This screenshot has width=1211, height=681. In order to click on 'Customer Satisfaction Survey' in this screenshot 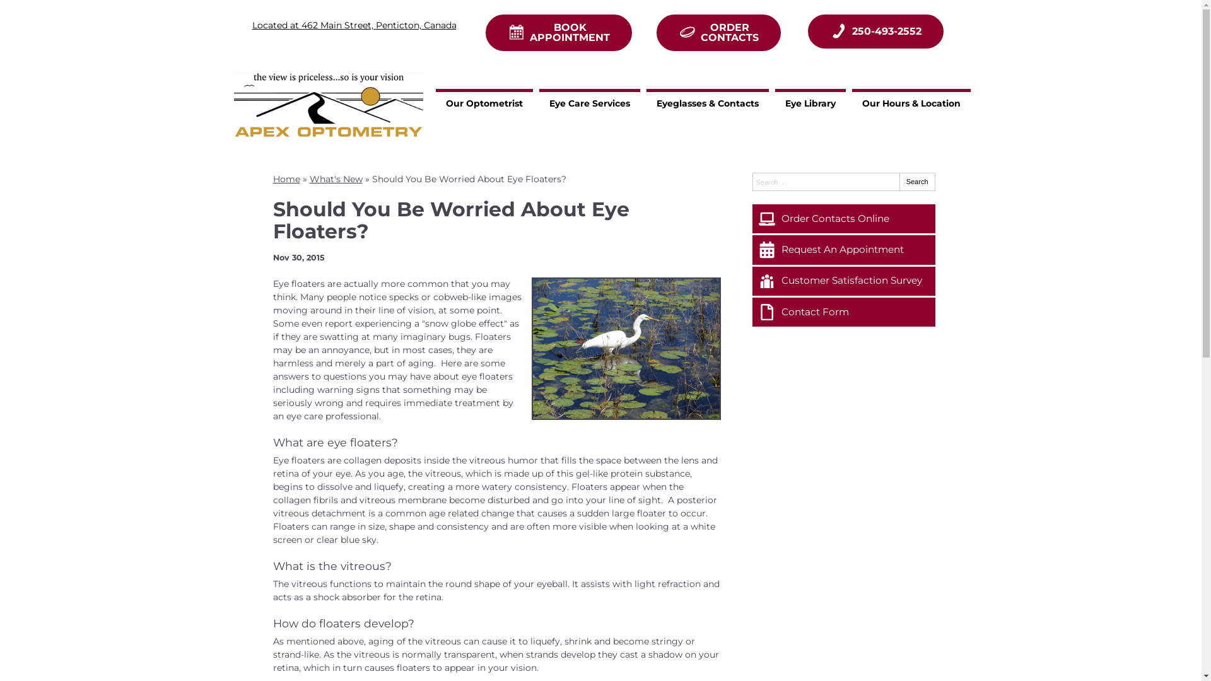, I will do `click(843, 281)`.